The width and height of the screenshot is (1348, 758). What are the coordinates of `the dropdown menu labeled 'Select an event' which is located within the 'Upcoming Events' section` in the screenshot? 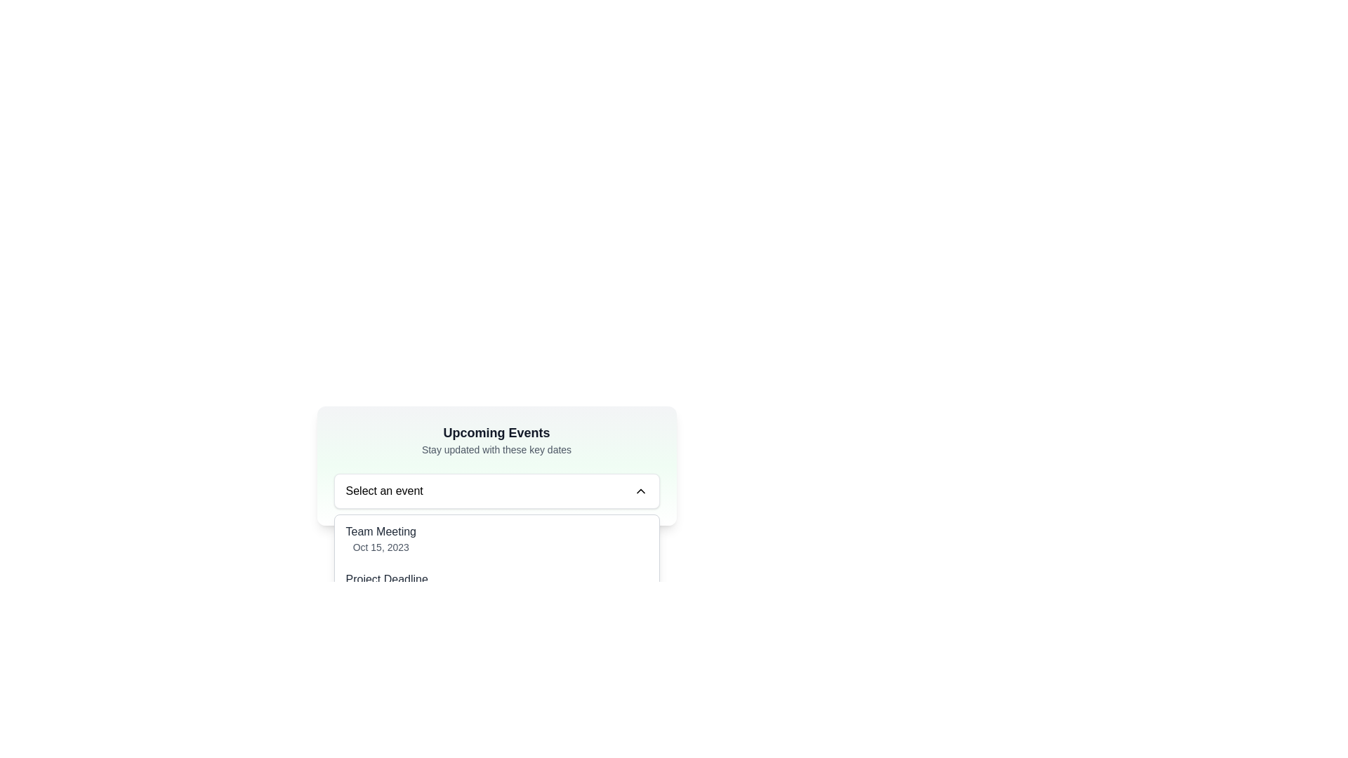 It's located at (496, 490).